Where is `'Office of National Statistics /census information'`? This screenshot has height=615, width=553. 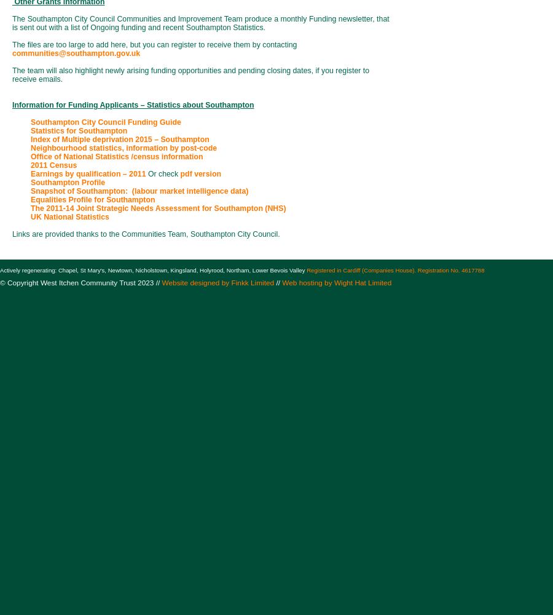 'Office of National Statistics /census information' is located at coordinates (116, 157).